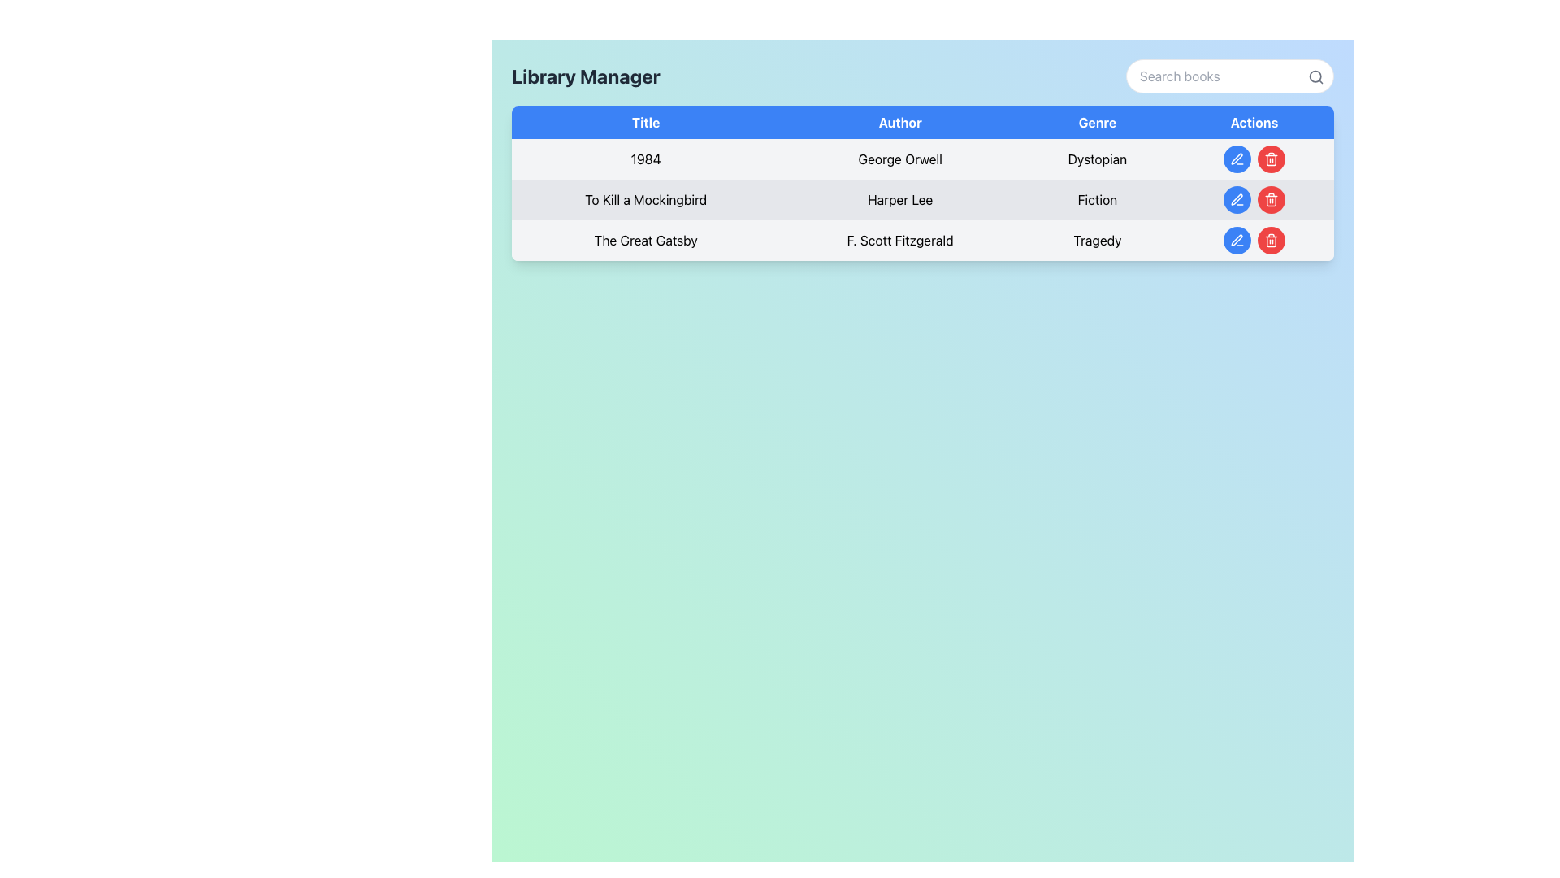  Describe the element at coordinates (1270, 241) in the screenshot. I see `the circular red button with a white trash bin symbol in the 'Actions' section of the table row for 'The Great Gatsby'` at that location.